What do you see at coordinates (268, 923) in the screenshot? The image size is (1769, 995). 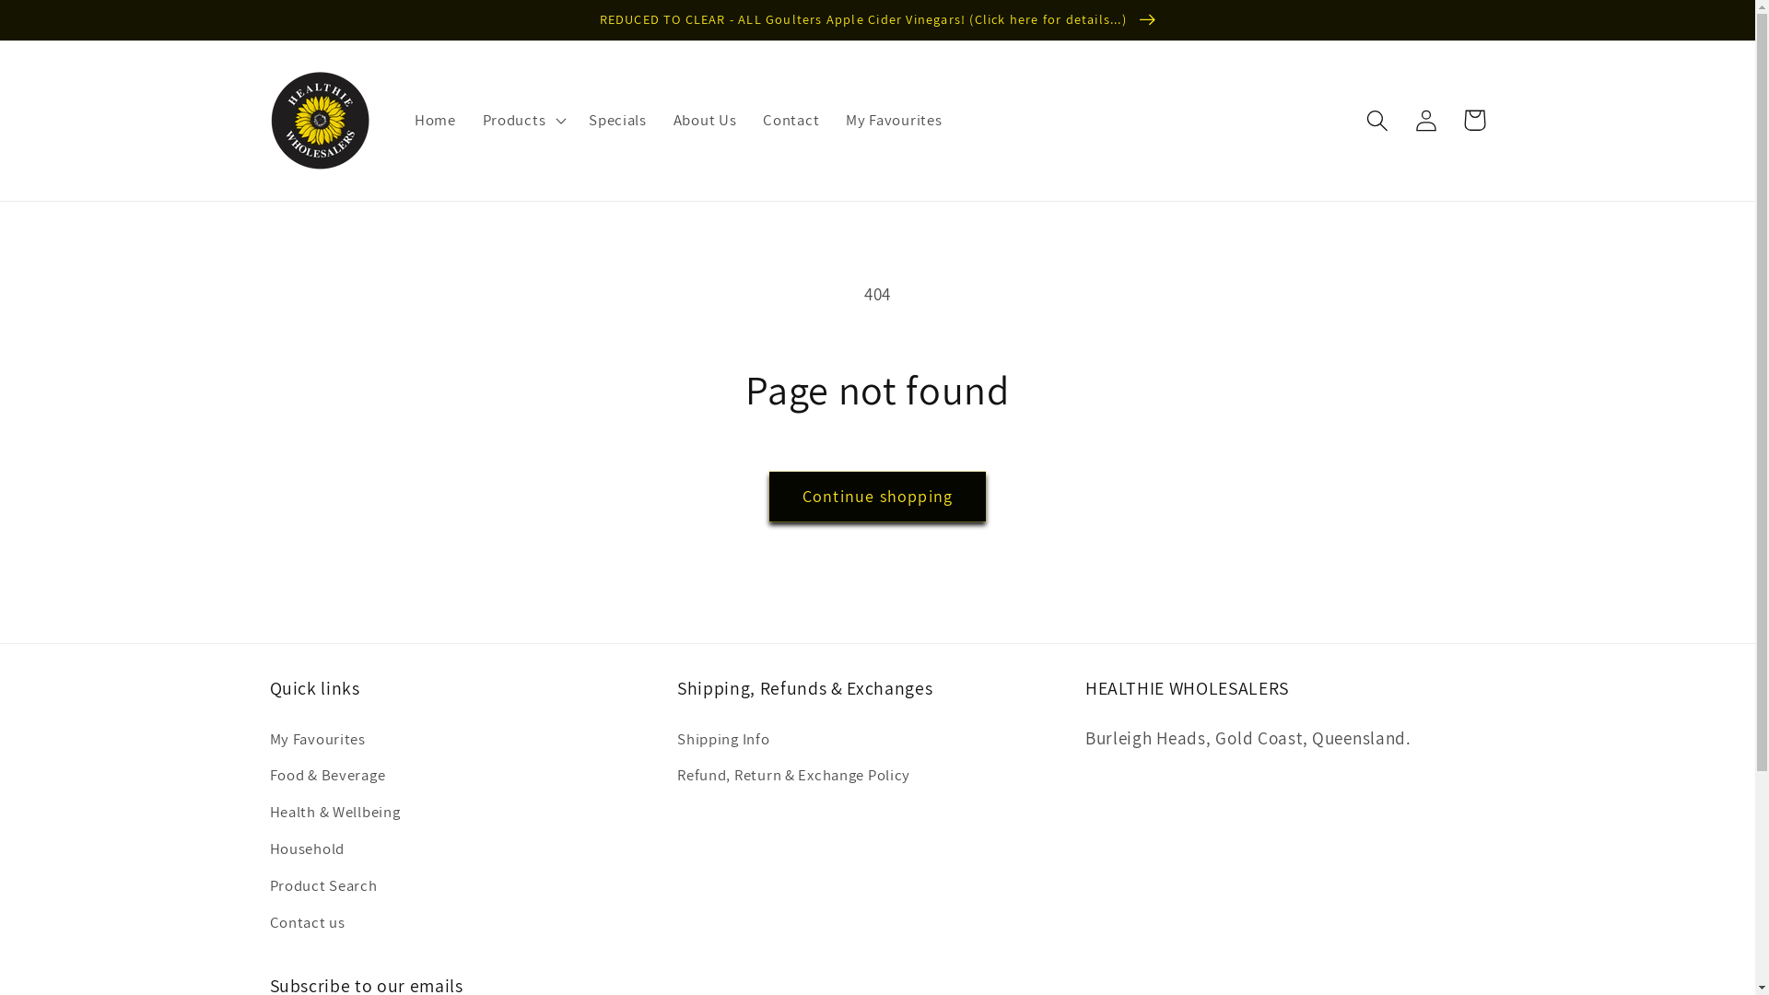 I see `'Contact us'` at bounding box center [268, 923].